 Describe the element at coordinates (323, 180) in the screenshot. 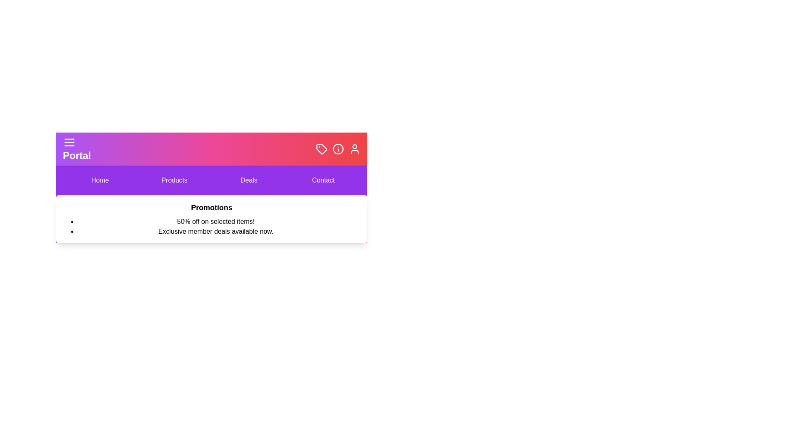

I see `the navigation item Contact from the menu` at that location.